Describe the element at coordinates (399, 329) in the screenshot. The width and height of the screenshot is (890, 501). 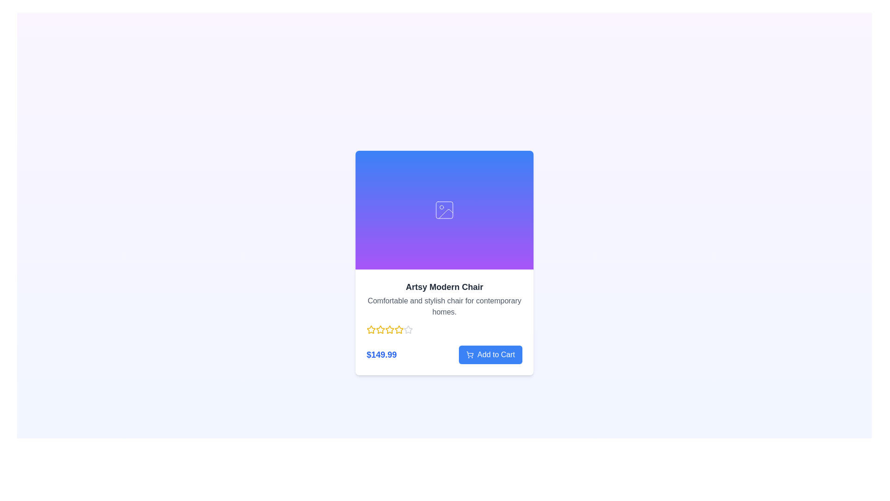
I see `the third star in the horizontal series of five rating stars, located below the product description and above the price` at that location.